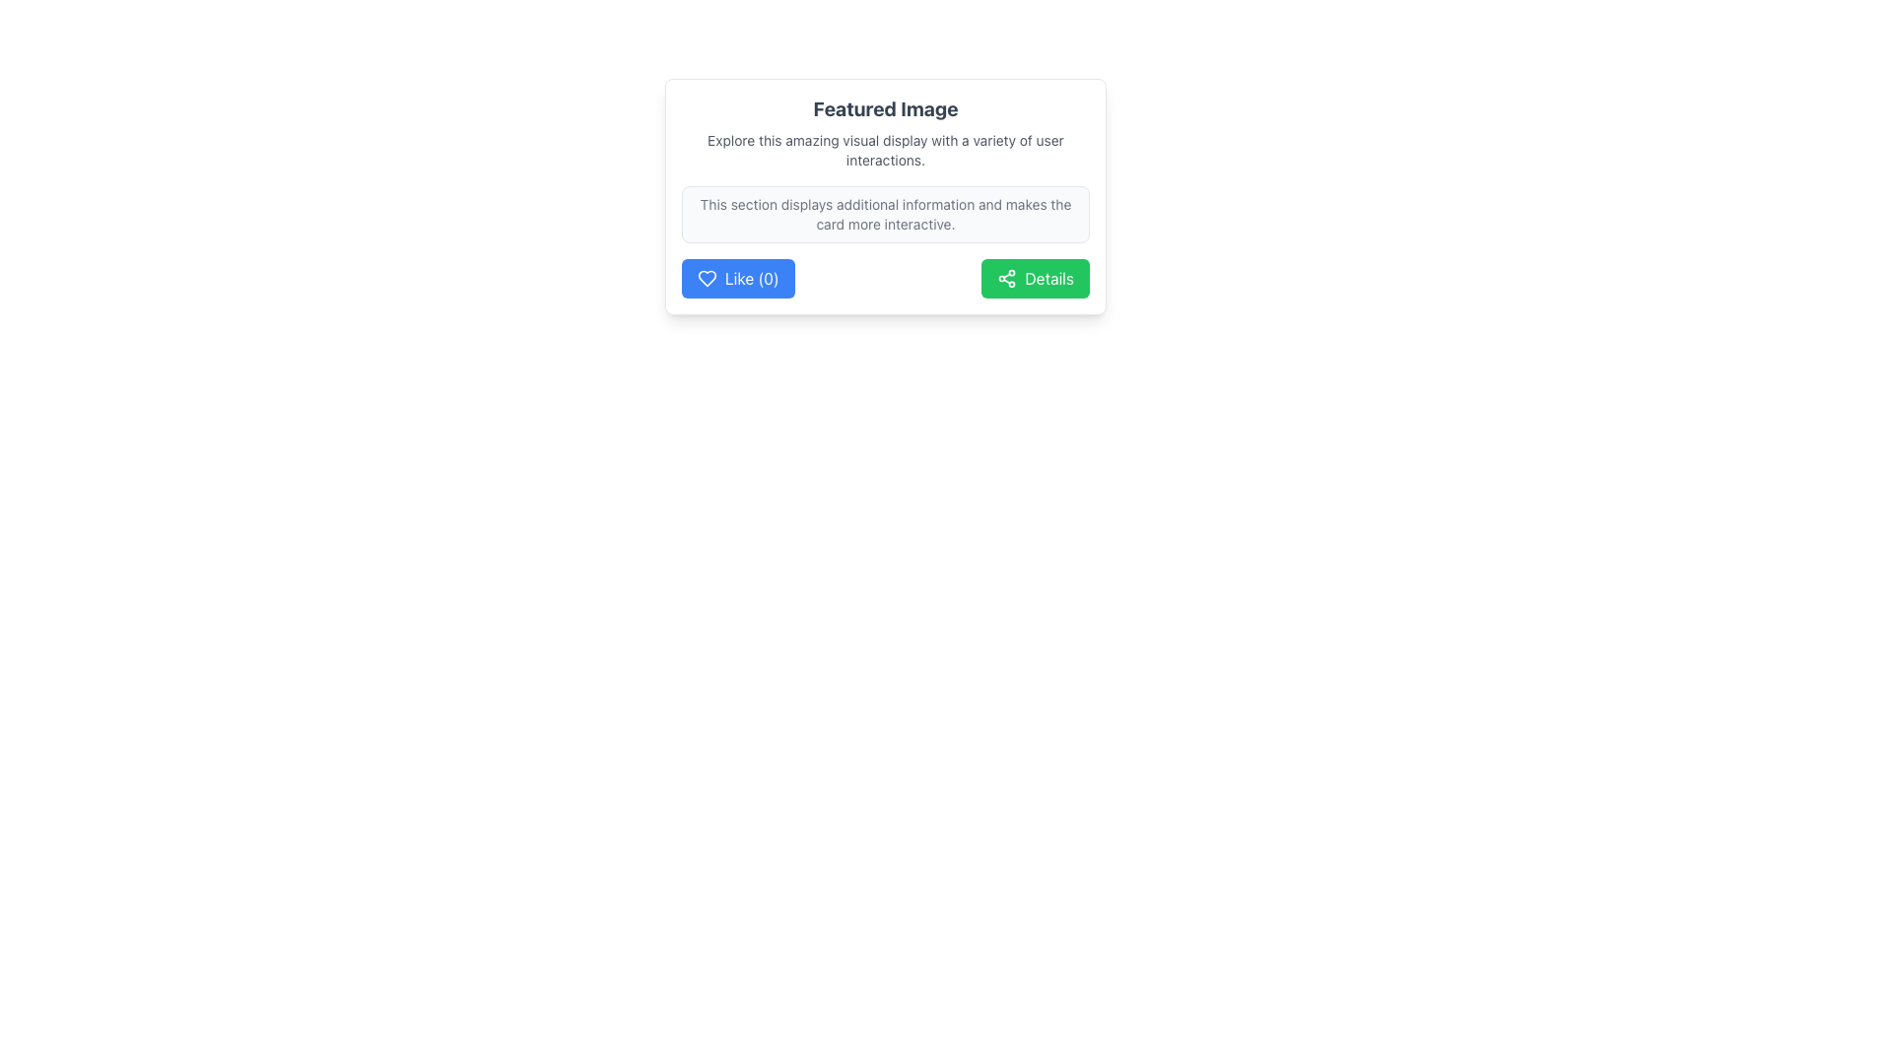  I want to click on the introductory text block located below the 'Featured Image' heading for accessibility purposes, so click(884, 150).